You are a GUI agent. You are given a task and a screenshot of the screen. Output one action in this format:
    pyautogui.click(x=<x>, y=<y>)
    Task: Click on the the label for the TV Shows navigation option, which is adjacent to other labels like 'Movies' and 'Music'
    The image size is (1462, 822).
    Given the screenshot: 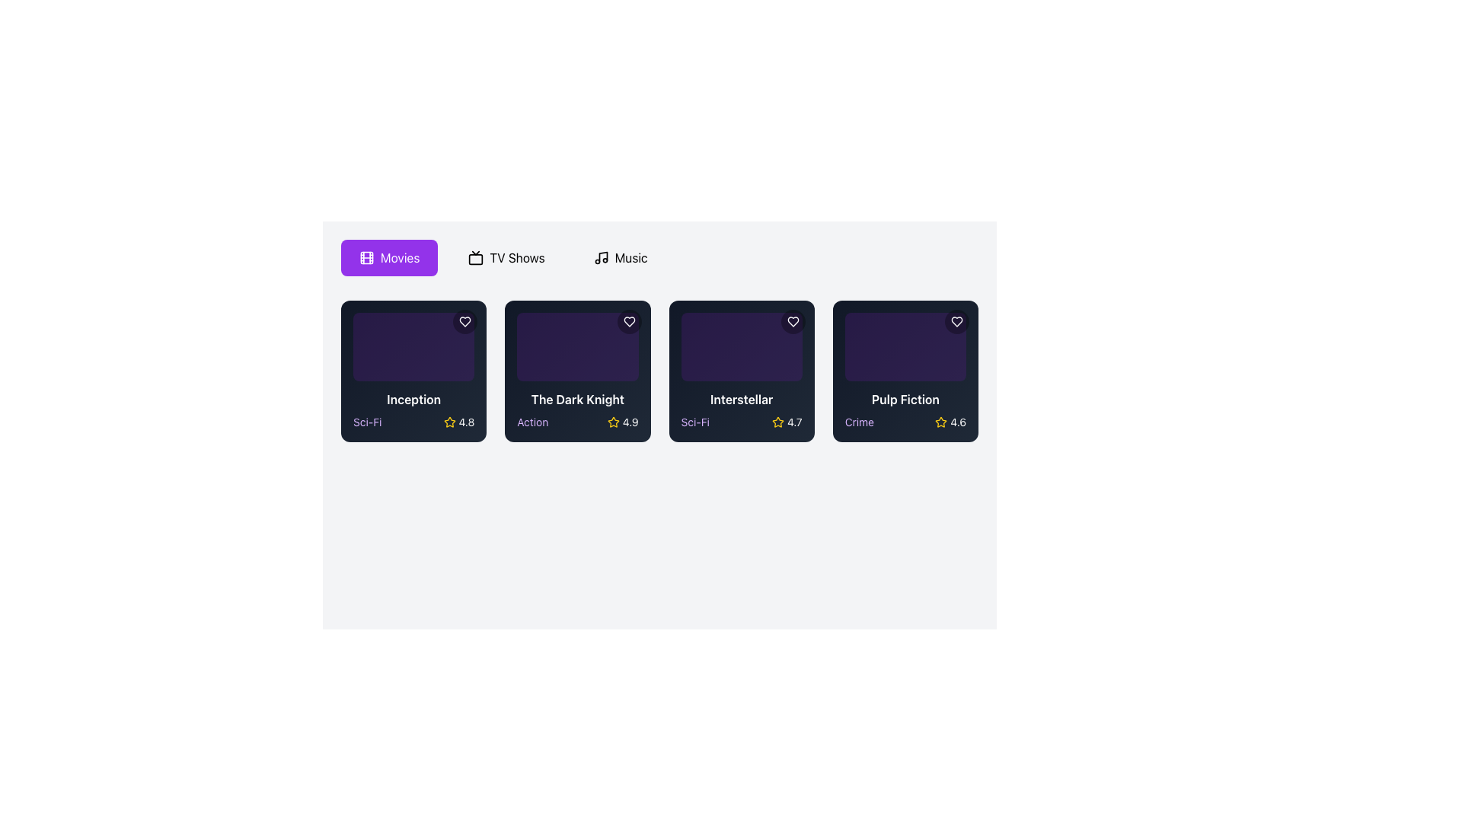 What is the action you would take?
    pyautogui.click(x=517, y=257)
    